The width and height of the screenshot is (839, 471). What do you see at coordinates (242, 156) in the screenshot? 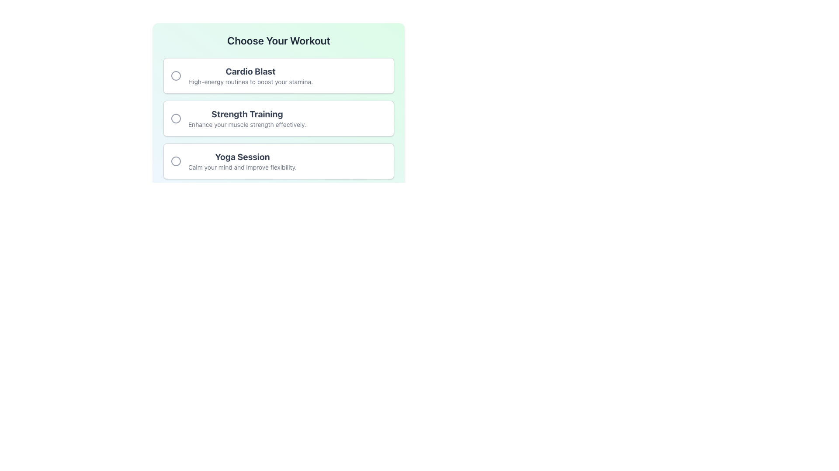
I see `the bold title of the third workout option labeled 'Yoga' which is positioned between 'Strength Training' and 'Calm your mind and improve flexibility'` at bounding box center [242, 156].